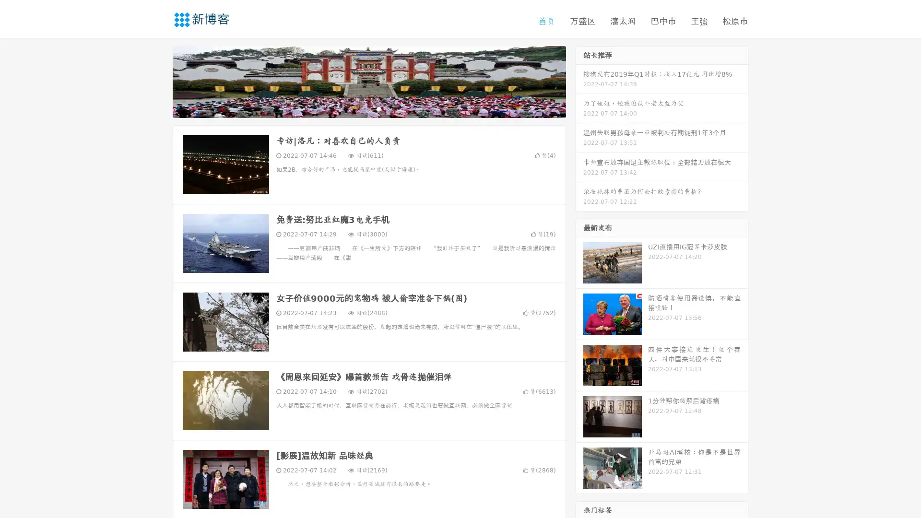  I want to click on Go to slide 2, so click(368, 108).